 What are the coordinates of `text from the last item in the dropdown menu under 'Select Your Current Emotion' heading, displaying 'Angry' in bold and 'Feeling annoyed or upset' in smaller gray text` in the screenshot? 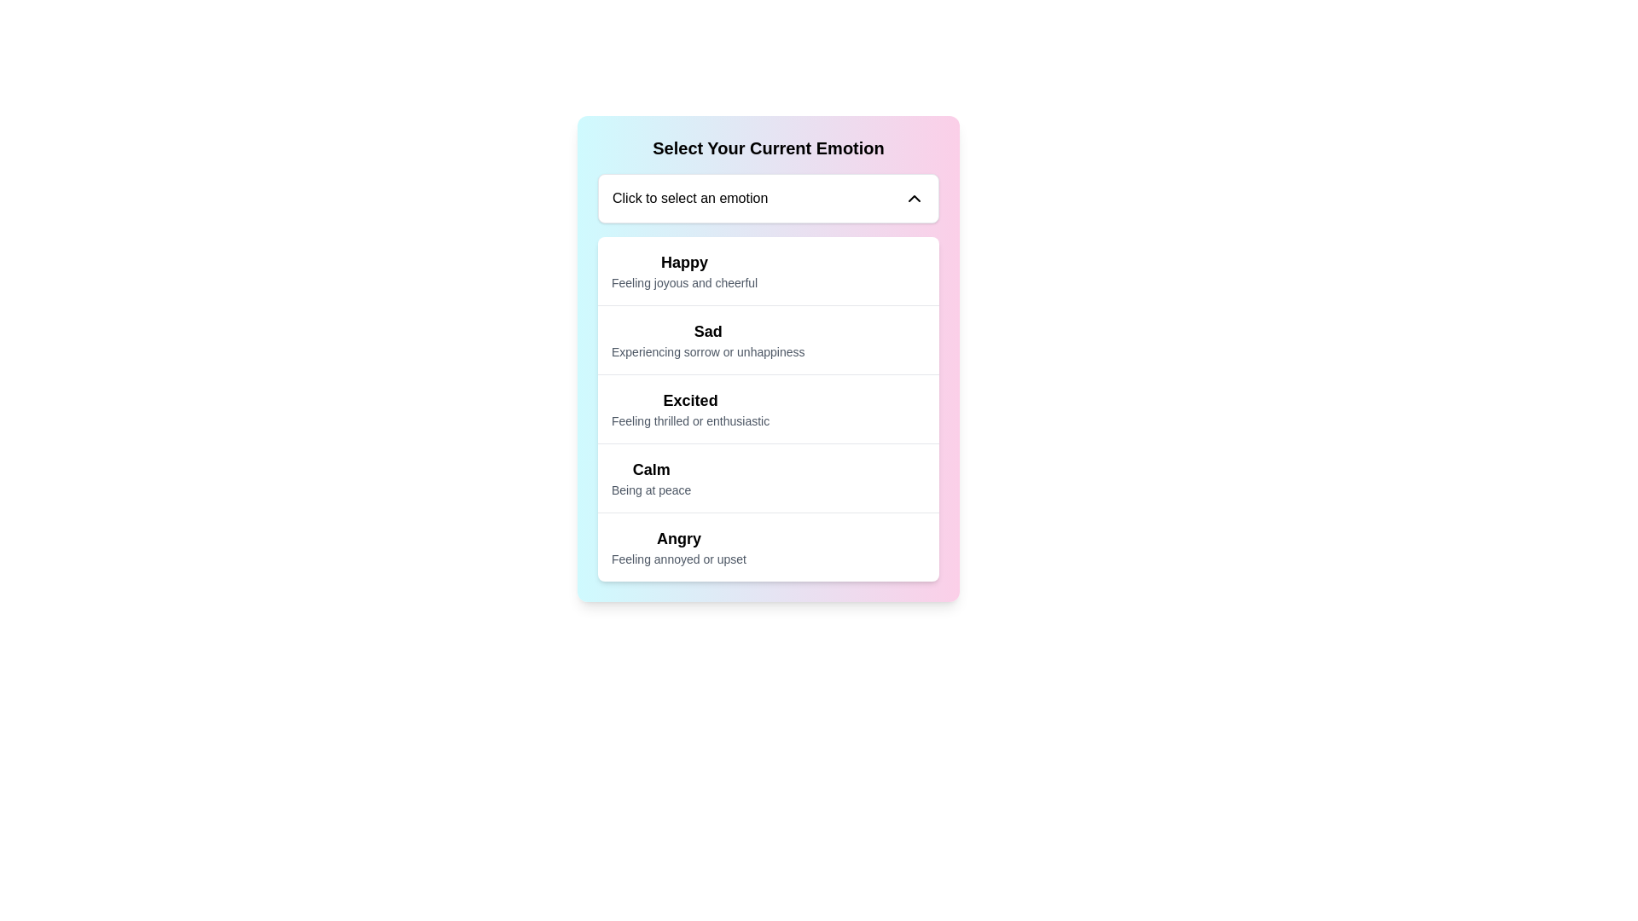 It's located at (678, 547).